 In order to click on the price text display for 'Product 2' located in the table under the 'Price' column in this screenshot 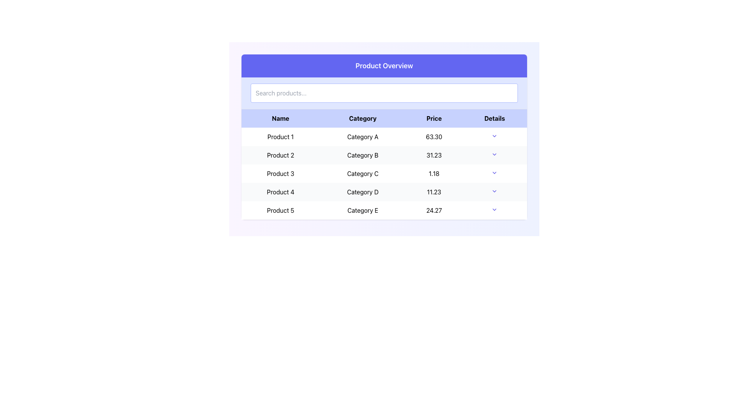, I will do `click(434, 155)`.